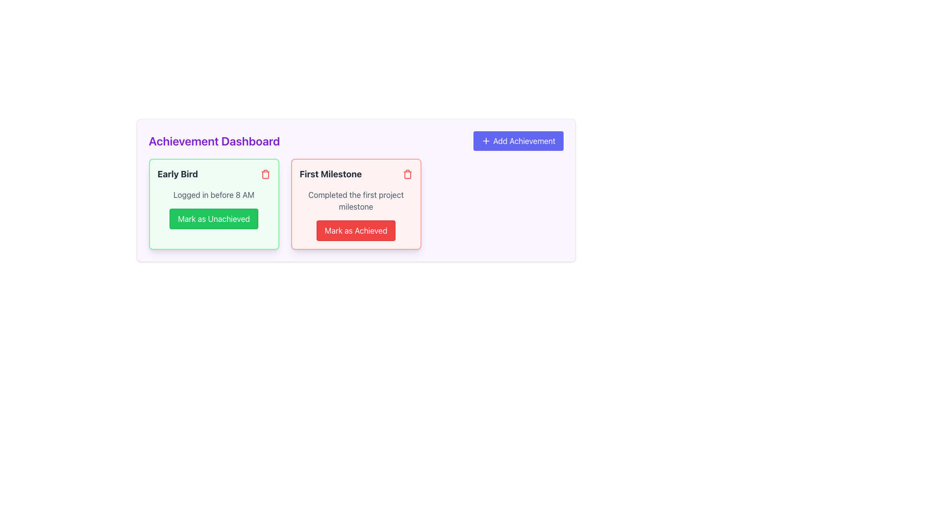 The width and height of the screenshot is (941, 529). What do you see at coordinates (265, 173) in the screenshot?
I see `the delete button located in the top-right corner of the 'Early Bird' card` at bounding box center [265, 173].